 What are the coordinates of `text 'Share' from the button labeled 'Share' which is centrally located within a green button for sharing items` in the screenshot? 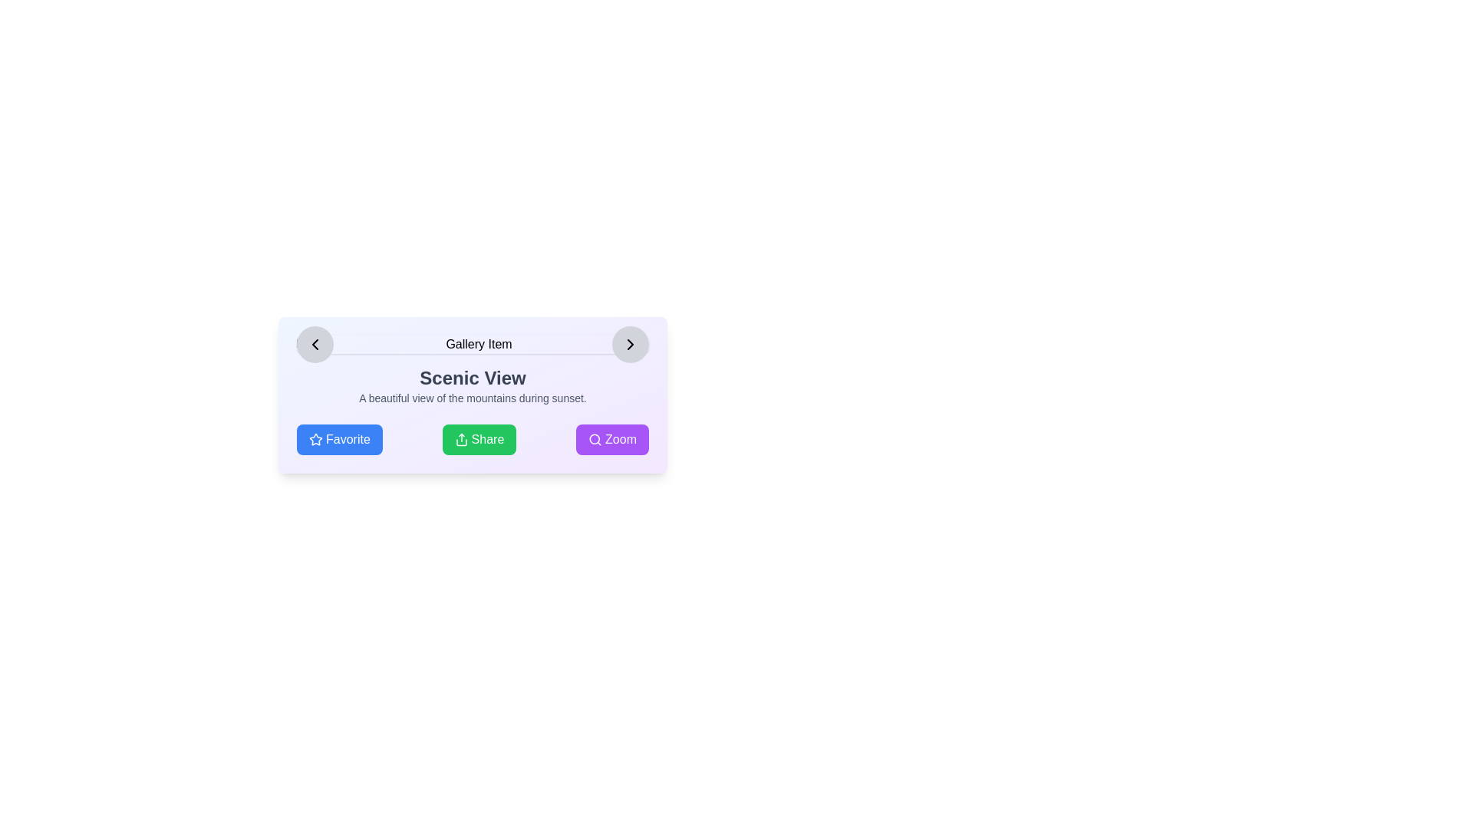 It's located at (486, 440).